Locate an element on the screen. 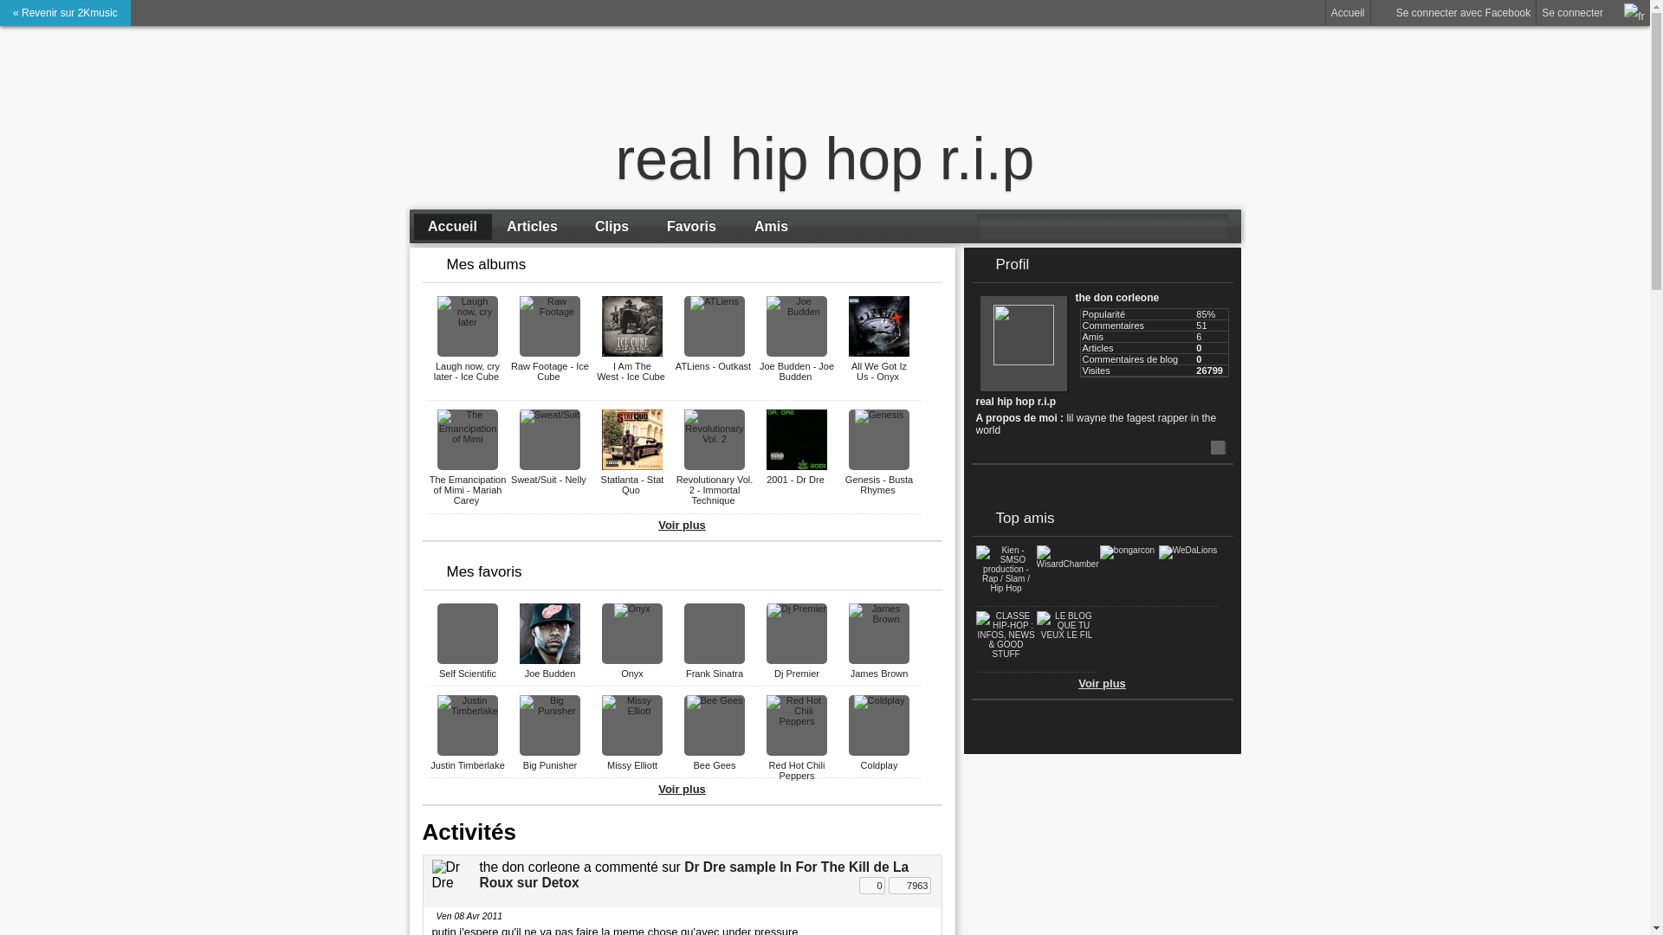 The height and width of the screenshot is (935, 1663). 'Amis' is located at coordinates (732, 226).